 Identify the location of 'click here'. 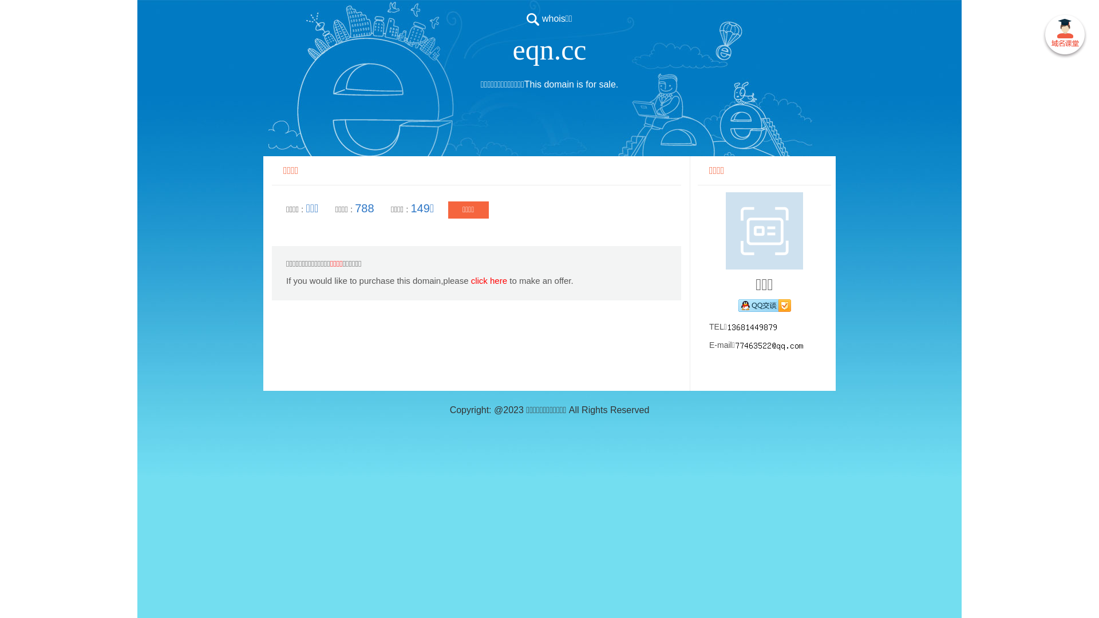
(489, 280).